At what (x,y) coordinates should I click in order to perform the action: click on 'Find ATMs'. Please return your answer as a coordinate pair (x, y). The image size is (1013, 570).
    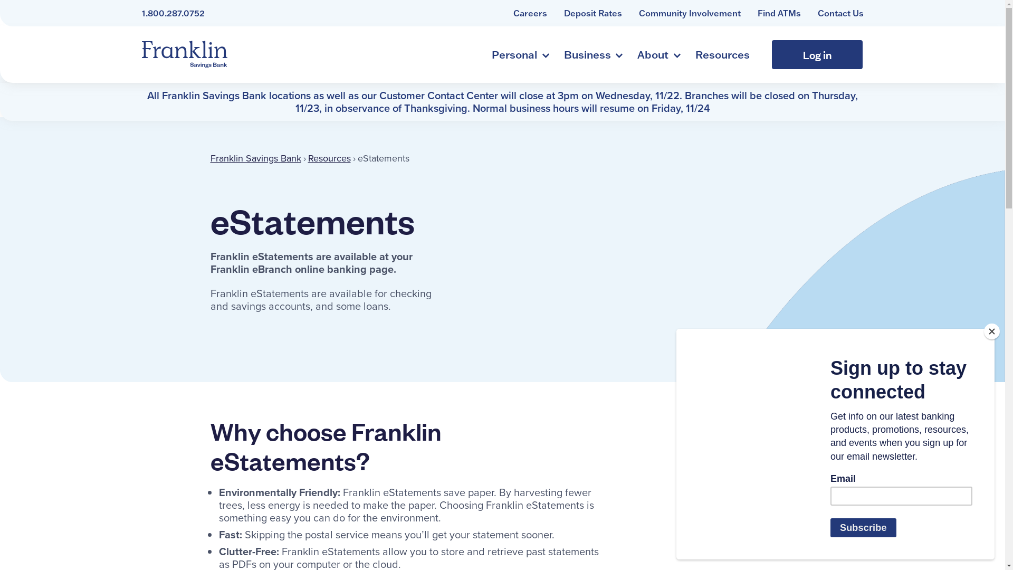
    Looking at the image, I should click on (749, 13).